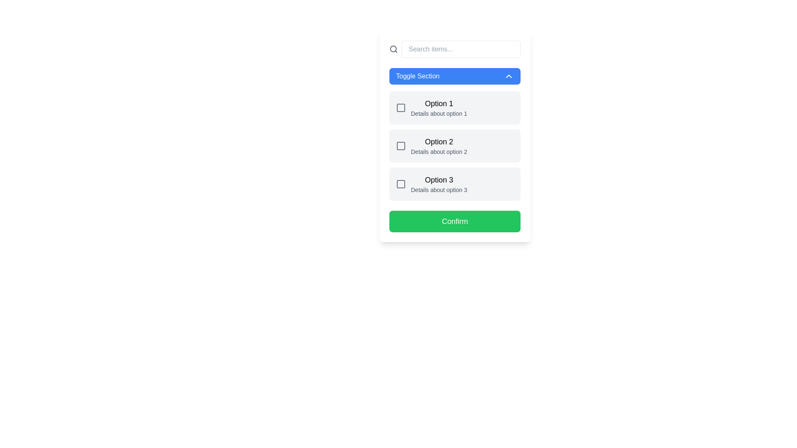  What do you see at coordinates (454, 145) in the screenshot?
I see `the checkbox representing the second item in a vertical list of options` at bounding box center [454, 145].